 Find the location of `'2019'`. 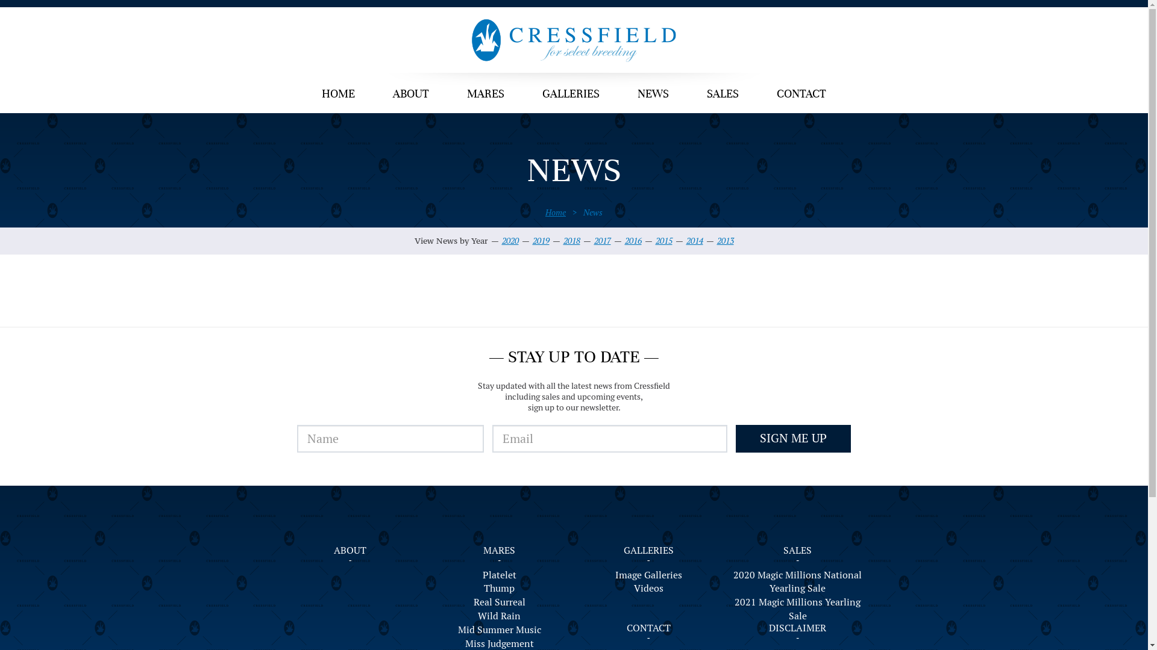

'2019' is located at coordinates (540, 241).